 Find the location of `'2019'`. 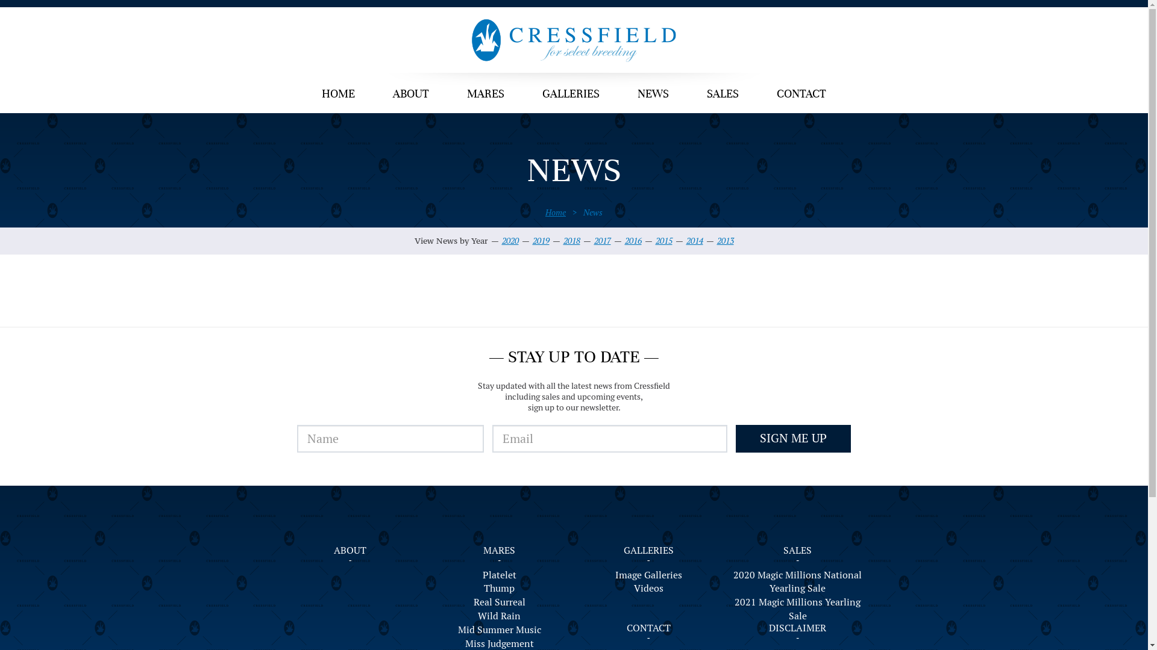

'2019' is located at coordinates (540, 241).